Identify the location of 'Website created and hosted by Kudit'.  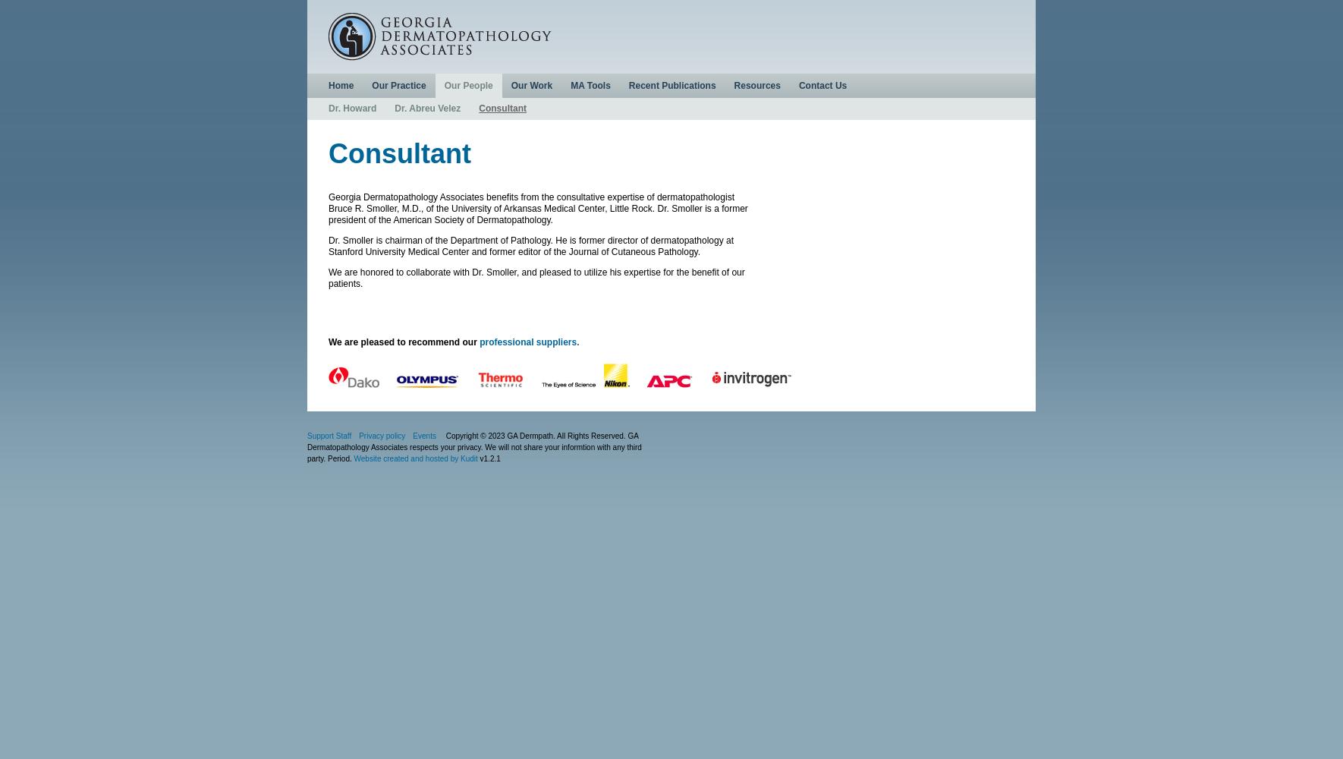
(354, 458).